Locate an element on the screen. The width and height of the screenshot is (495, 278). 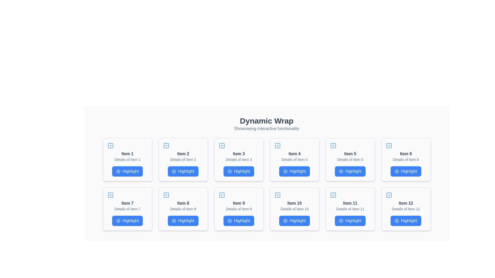
title 'Item 2' and details 'Details of Item 2' from the interactive card component with a white background and light gray border located in the second position of the grid is located at coordinates (183, 159).